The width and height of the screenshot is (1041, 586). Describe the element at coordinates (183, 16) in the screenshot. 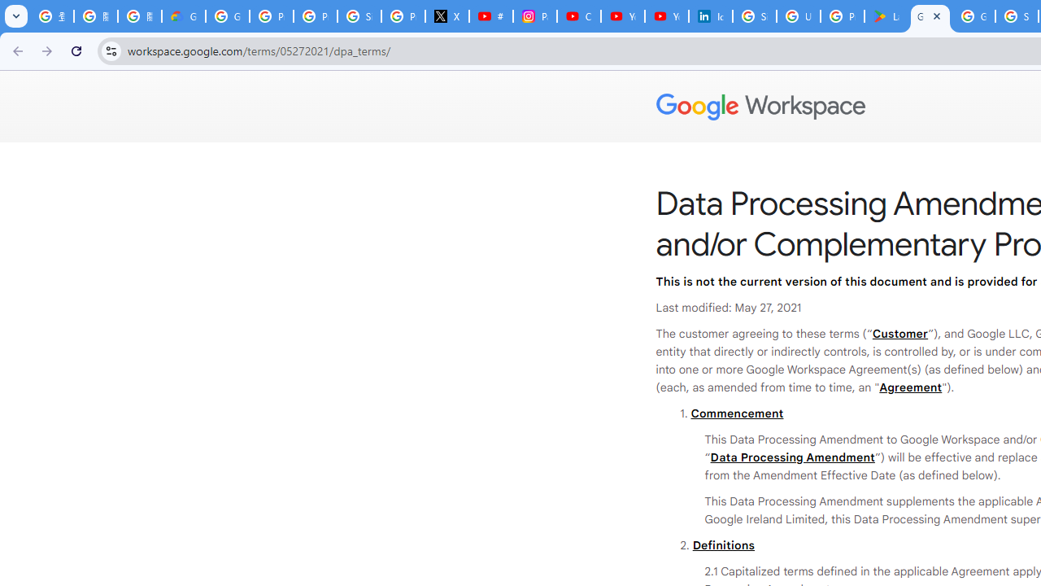

I see `'Google Cloud Privacy Notice'` at that location.